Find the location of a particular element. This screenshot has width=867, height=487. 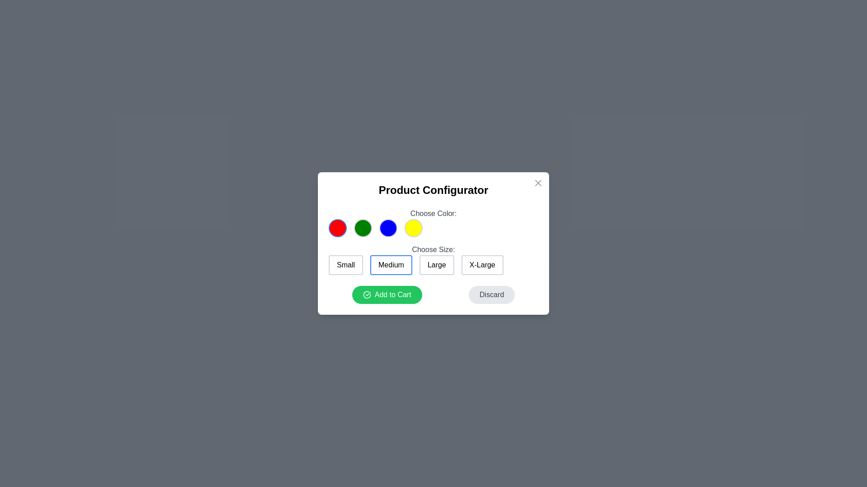

text label displaying 'Choose Color:' styled in gray, located near the top-center of the modal dialog is located at coordinates (433, 214).